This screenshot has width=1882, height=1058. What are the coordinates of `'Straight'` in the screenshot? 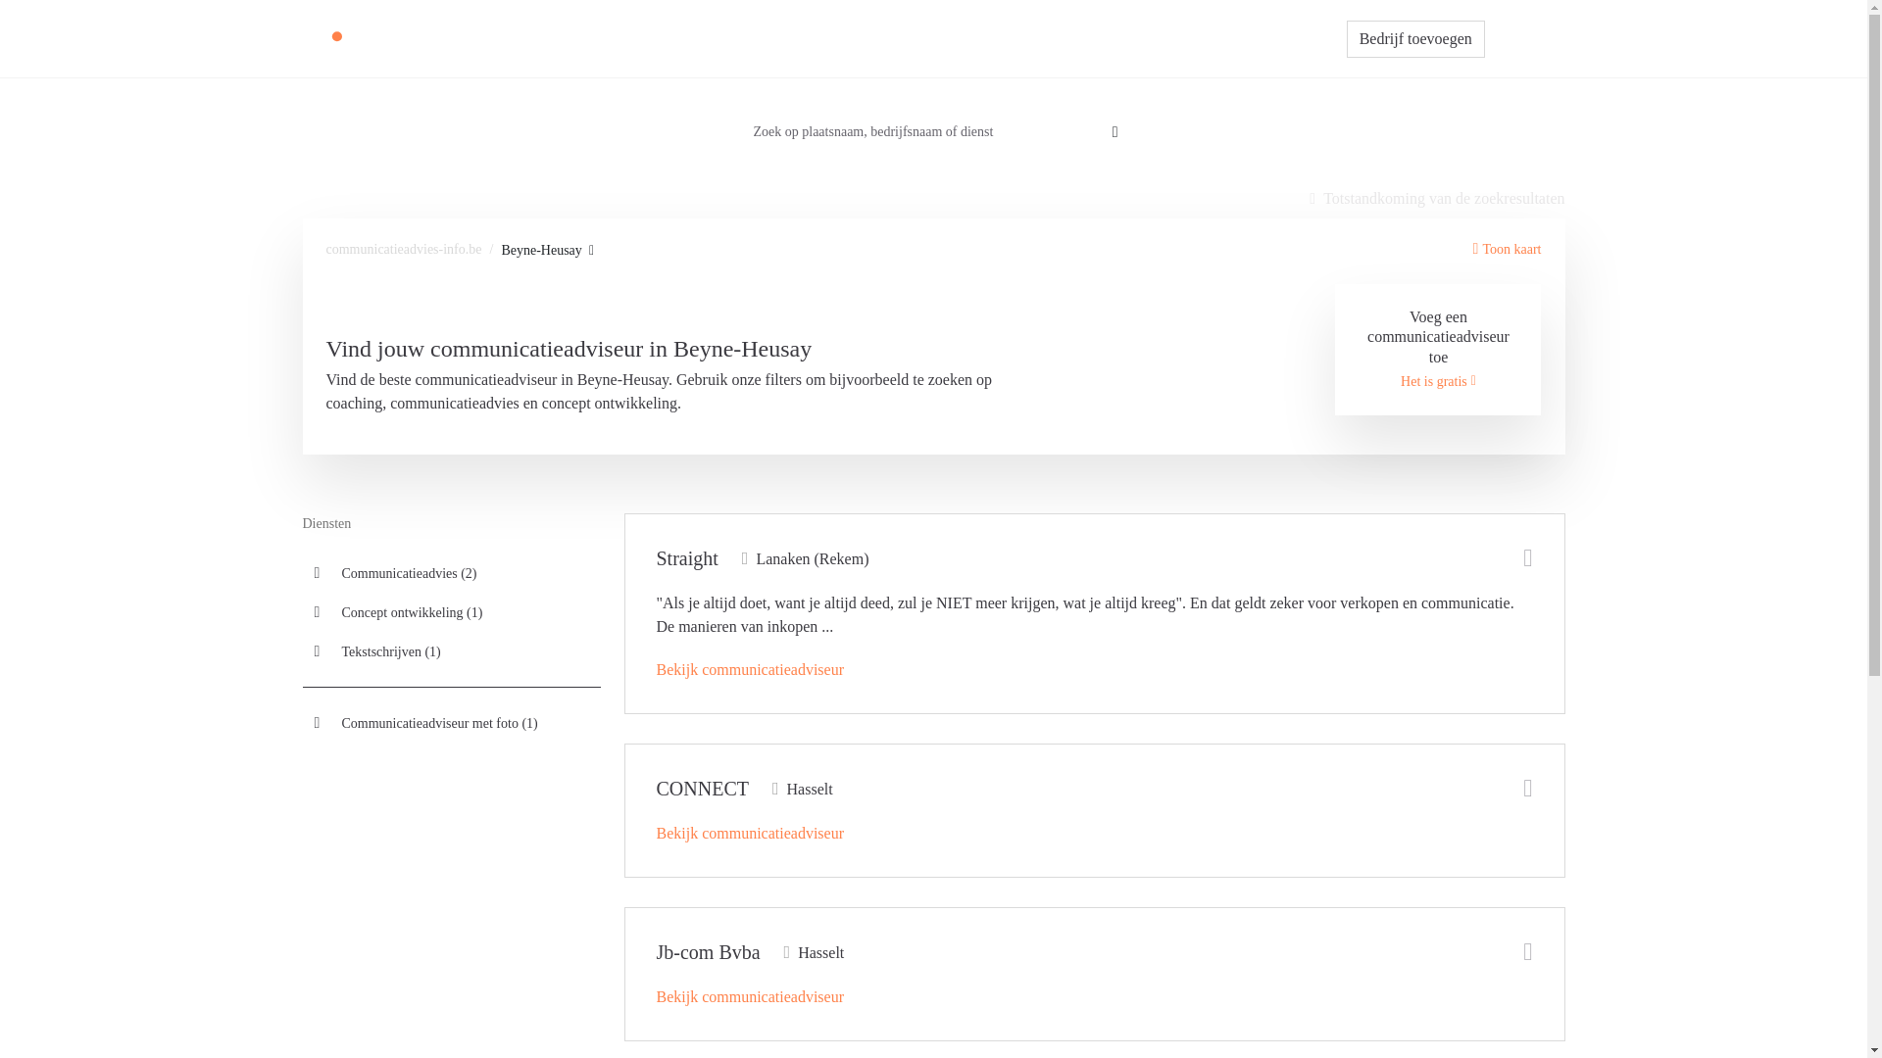 It's located at (687, 558).